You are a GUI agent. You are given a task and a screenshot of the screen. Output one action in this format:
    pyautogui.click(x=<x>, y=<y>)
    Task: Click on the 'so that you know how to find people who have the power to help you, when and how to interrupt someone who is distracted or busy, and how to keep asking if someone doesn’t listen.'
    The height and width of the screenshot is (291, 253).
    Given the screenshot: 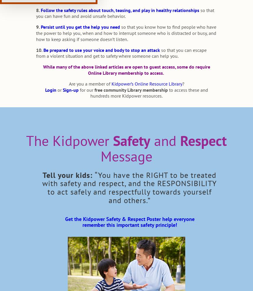 What is the action you would take?
    pyautogui.click(x=126, y=33)
    